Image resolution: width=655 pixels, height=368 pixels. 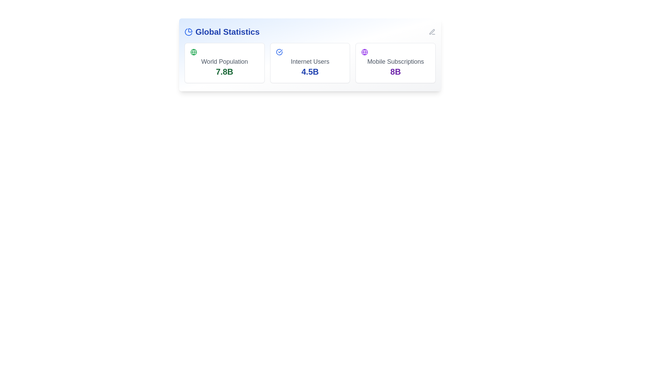 What do you see at coordinates (224, 72) in the screenshot?
I see `numerical value displayed by the Text Label indicating the world population in billions, which is located below the 'World Population' label within the first white card from the left in a series of cards` at bounding box center [224, 72].